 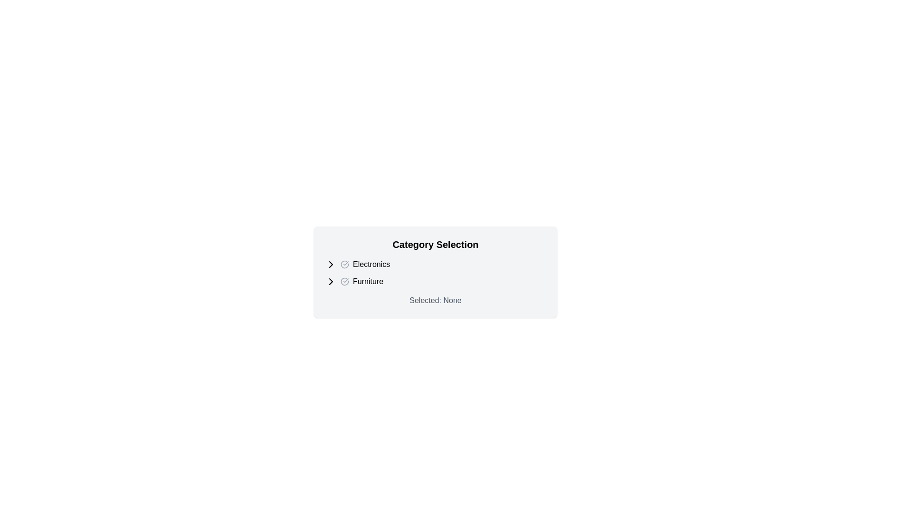 What do you see at coordinates (344, 264) in the screenshot?
I see `the selection status indicator located to the left of the 'Electronics' text label in the category selection panel` at bounding box center [344, 264].